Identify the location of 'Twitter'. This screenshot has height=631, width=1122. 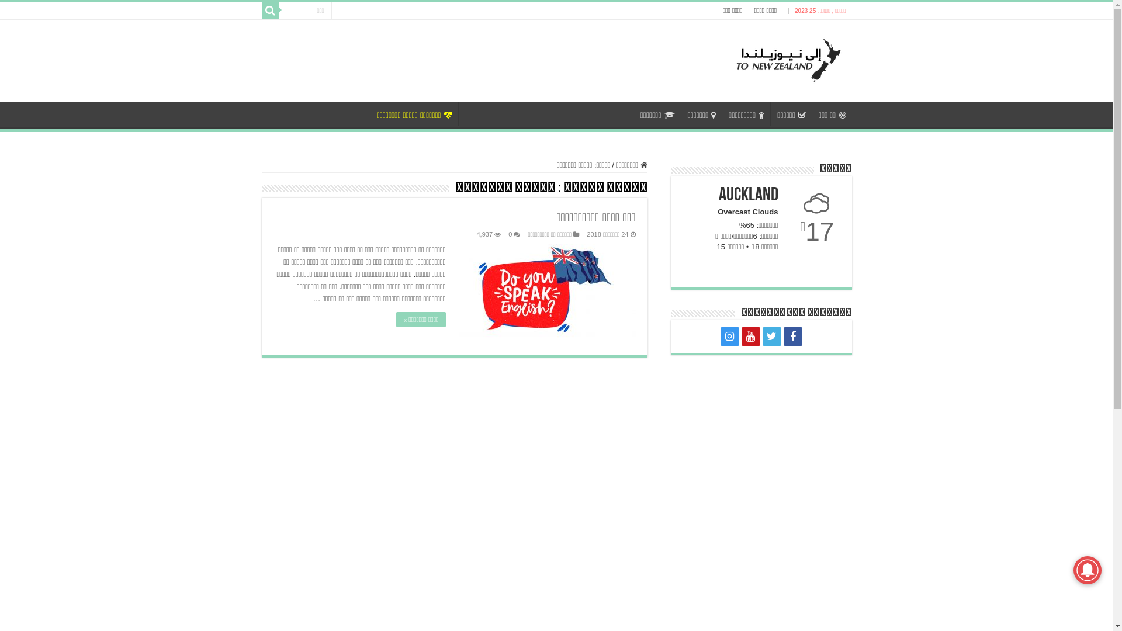
(771, 336).